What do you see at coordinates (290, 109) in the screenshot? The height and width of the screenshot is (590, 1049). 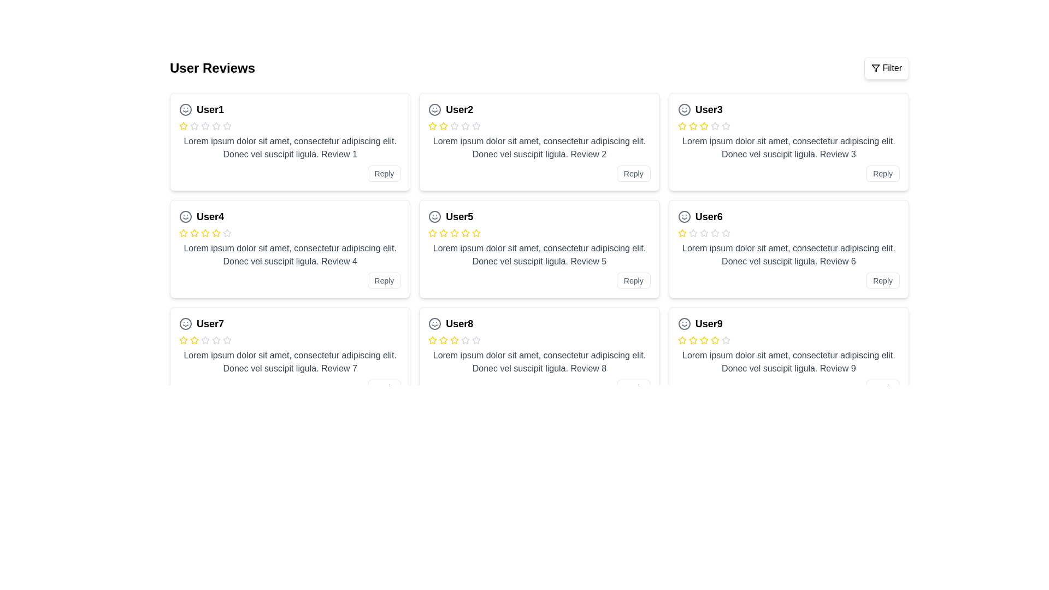 I see `the username and avatar element positioned at the top-left corner of the review card, which displays the user who provided the review` at bounding box center [290, 109].